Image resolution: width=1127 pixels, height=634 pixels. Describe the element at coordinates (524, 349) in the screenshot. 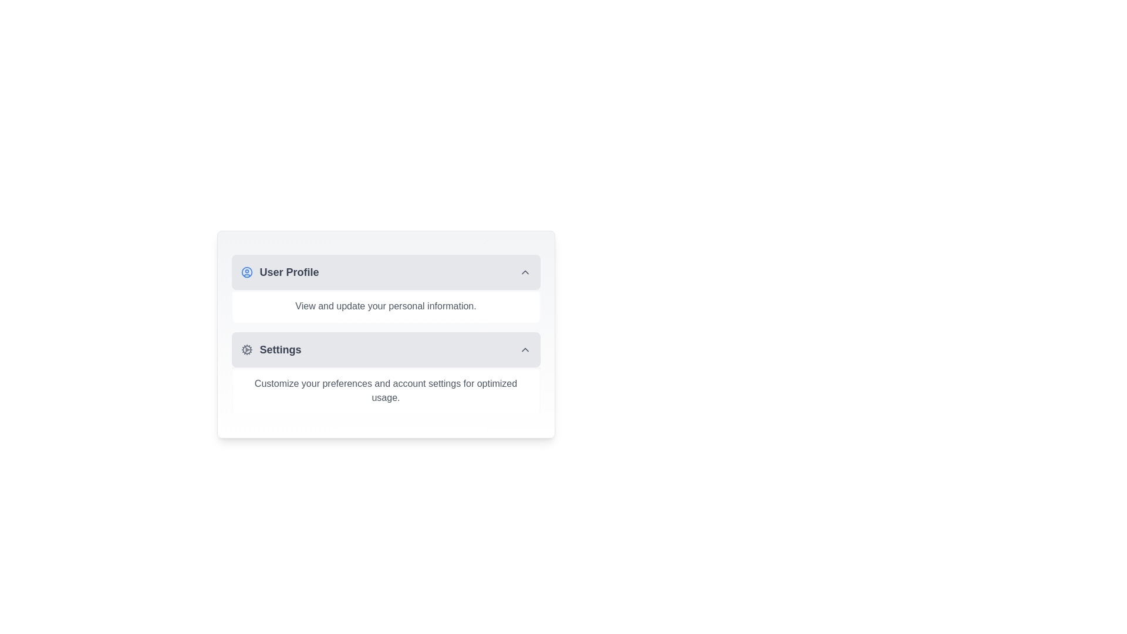

I see `the small upward-facing gray chevron icon located on the far-right side of the 'Settings' section` at that location.